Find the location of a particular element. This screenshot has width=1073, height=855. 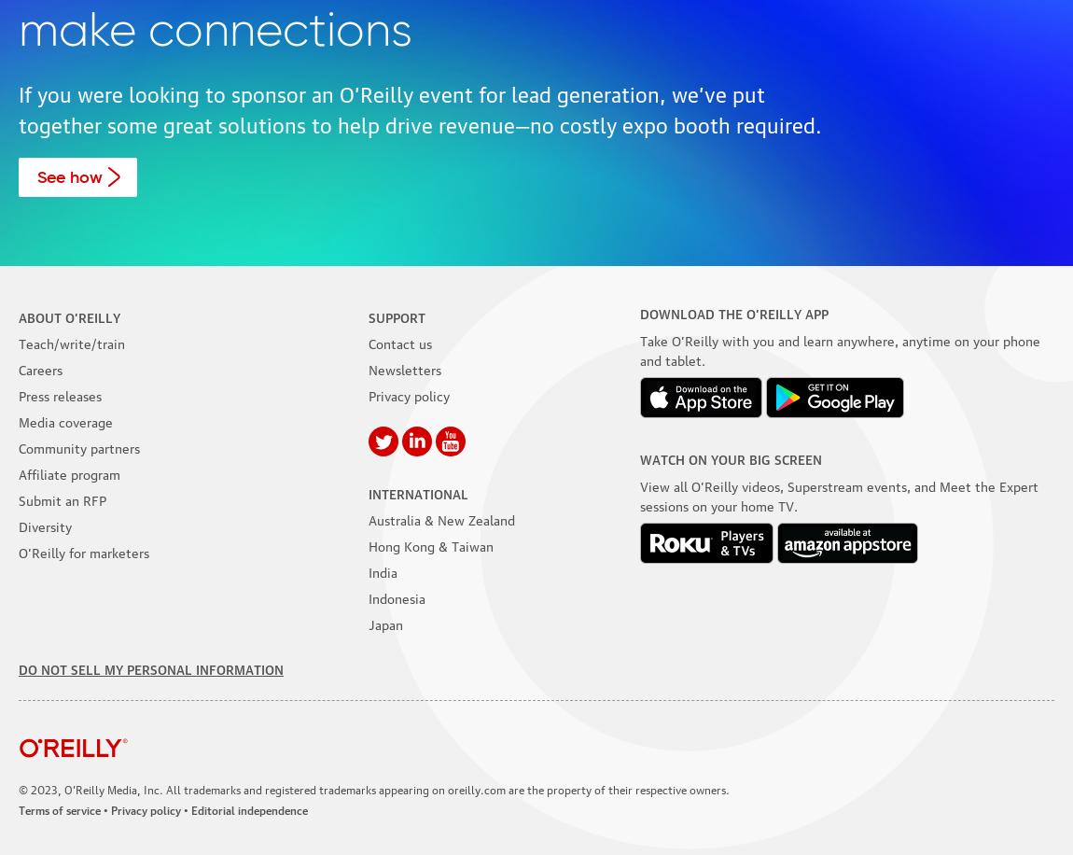

'See how' is located at coordinates (68, 175).